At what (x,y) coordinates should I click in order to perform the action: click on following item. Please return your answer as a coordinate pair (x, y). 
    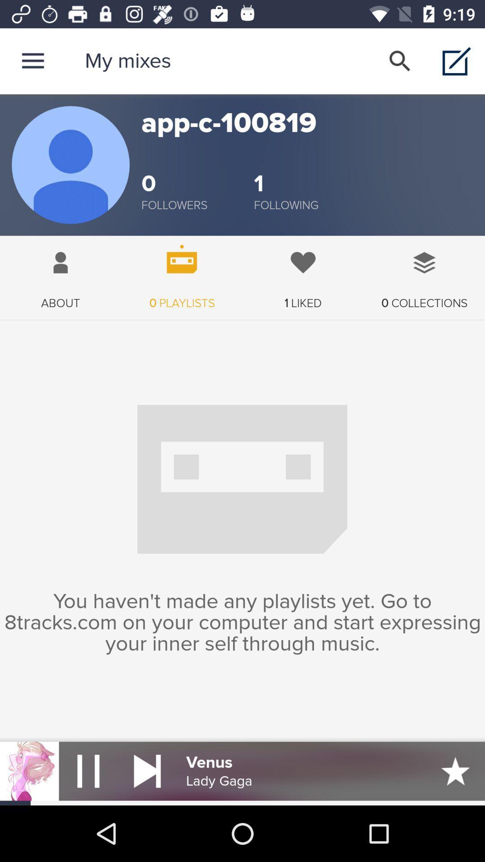
    Looking at the image, I should click on (286, 205).